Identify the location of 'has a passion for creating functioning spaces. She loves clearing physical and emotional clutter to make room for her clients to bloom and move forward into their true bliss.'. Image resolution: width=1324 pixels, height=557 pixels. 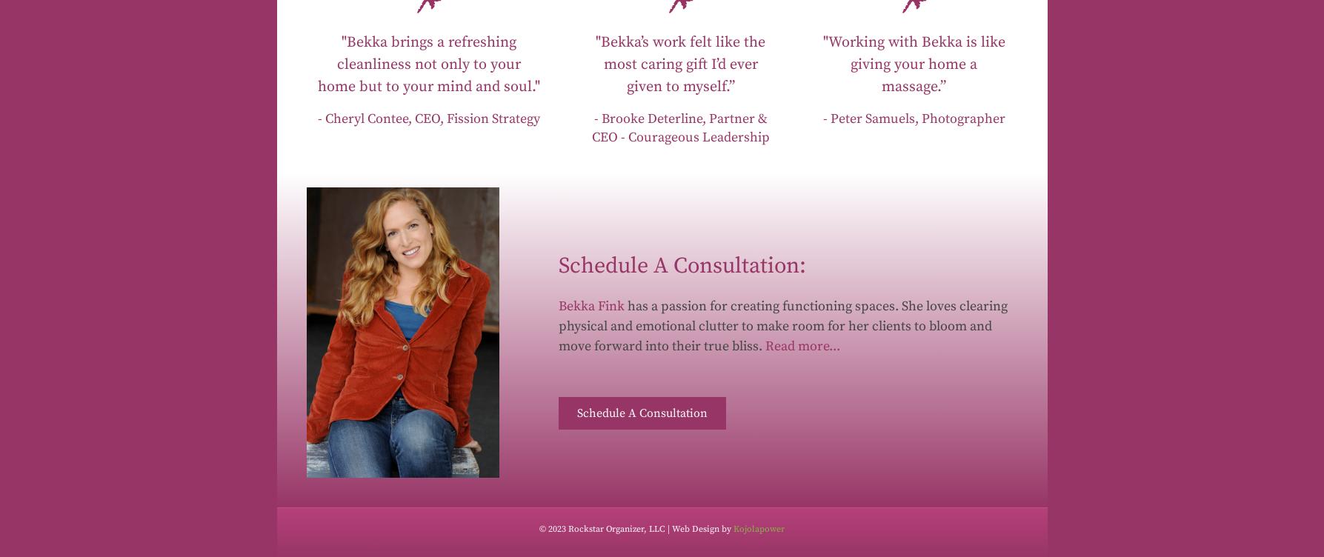
(781, 325).